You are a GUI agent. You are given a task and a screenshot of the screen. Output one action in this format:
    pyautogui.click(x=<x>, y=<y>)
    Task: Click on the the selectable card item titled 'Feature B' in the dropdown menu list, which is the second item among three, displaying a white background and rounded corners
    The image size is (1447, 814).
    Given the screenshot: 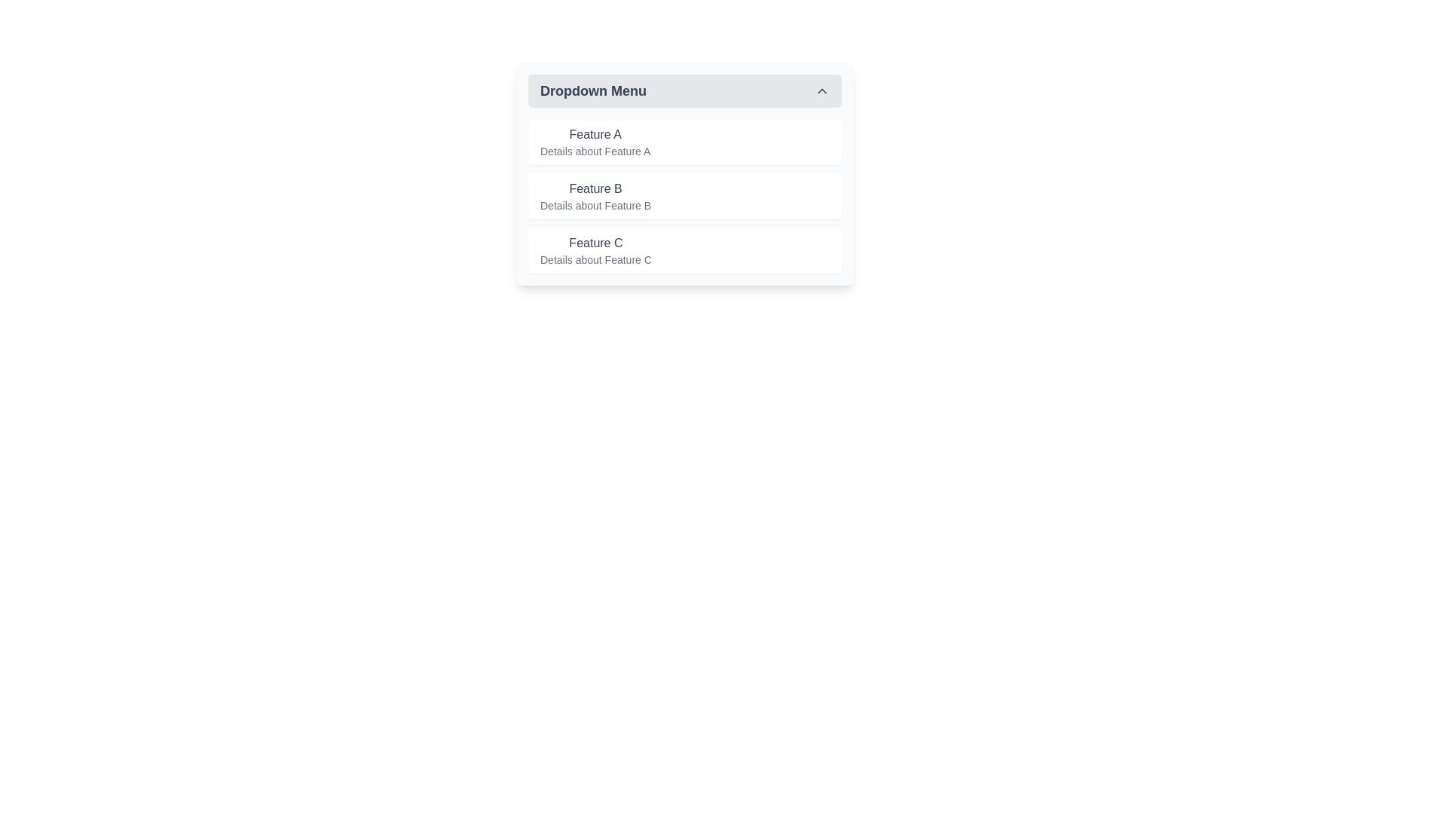 What is the action you would take?
    pyautogui.click(x=684, y=196)
    